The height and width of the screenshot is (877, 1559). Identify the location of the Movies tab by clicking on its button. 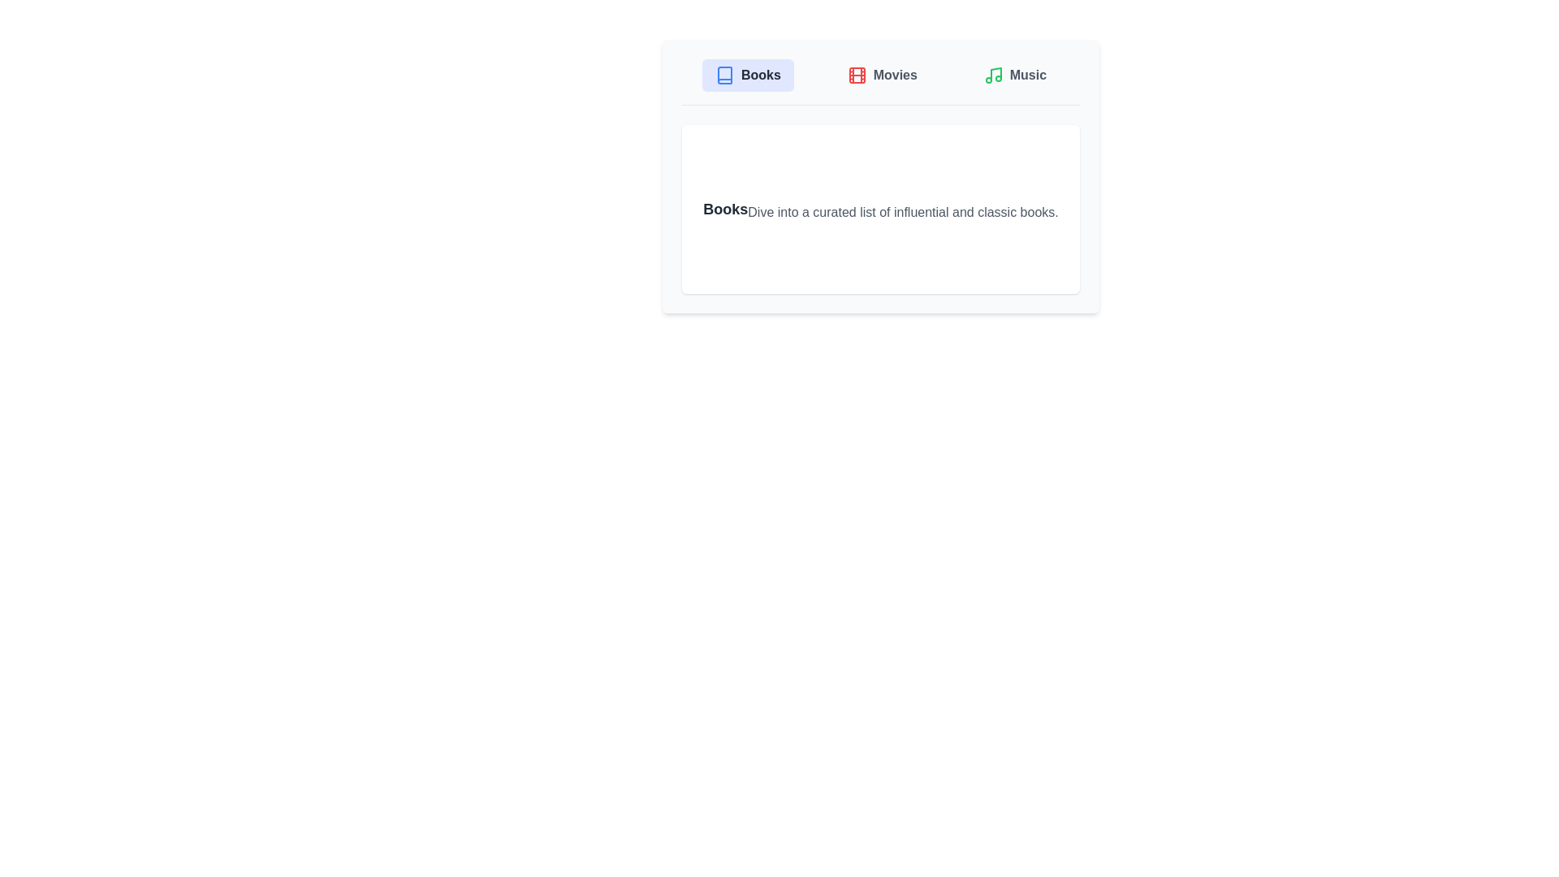
(881, 75).